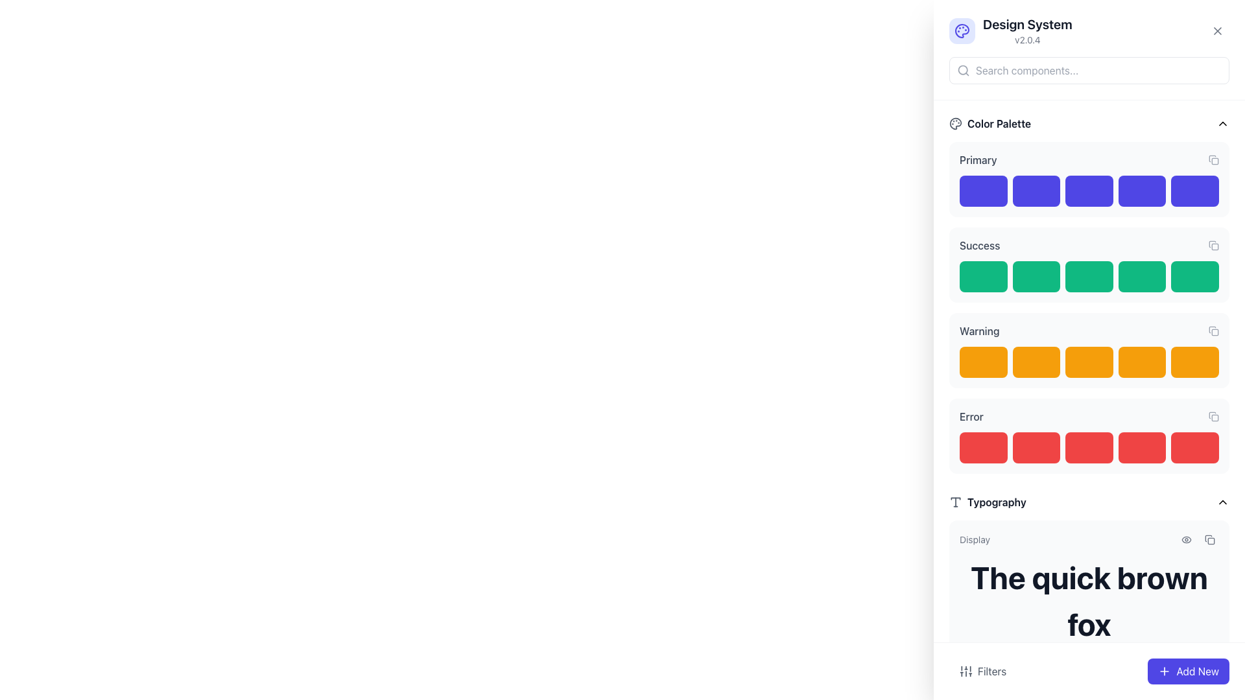 Image resolution: width=1245 pixels, height=700 pixels. I want to click on the second green button in the 'Color Palette' section, so click(1036, 276).